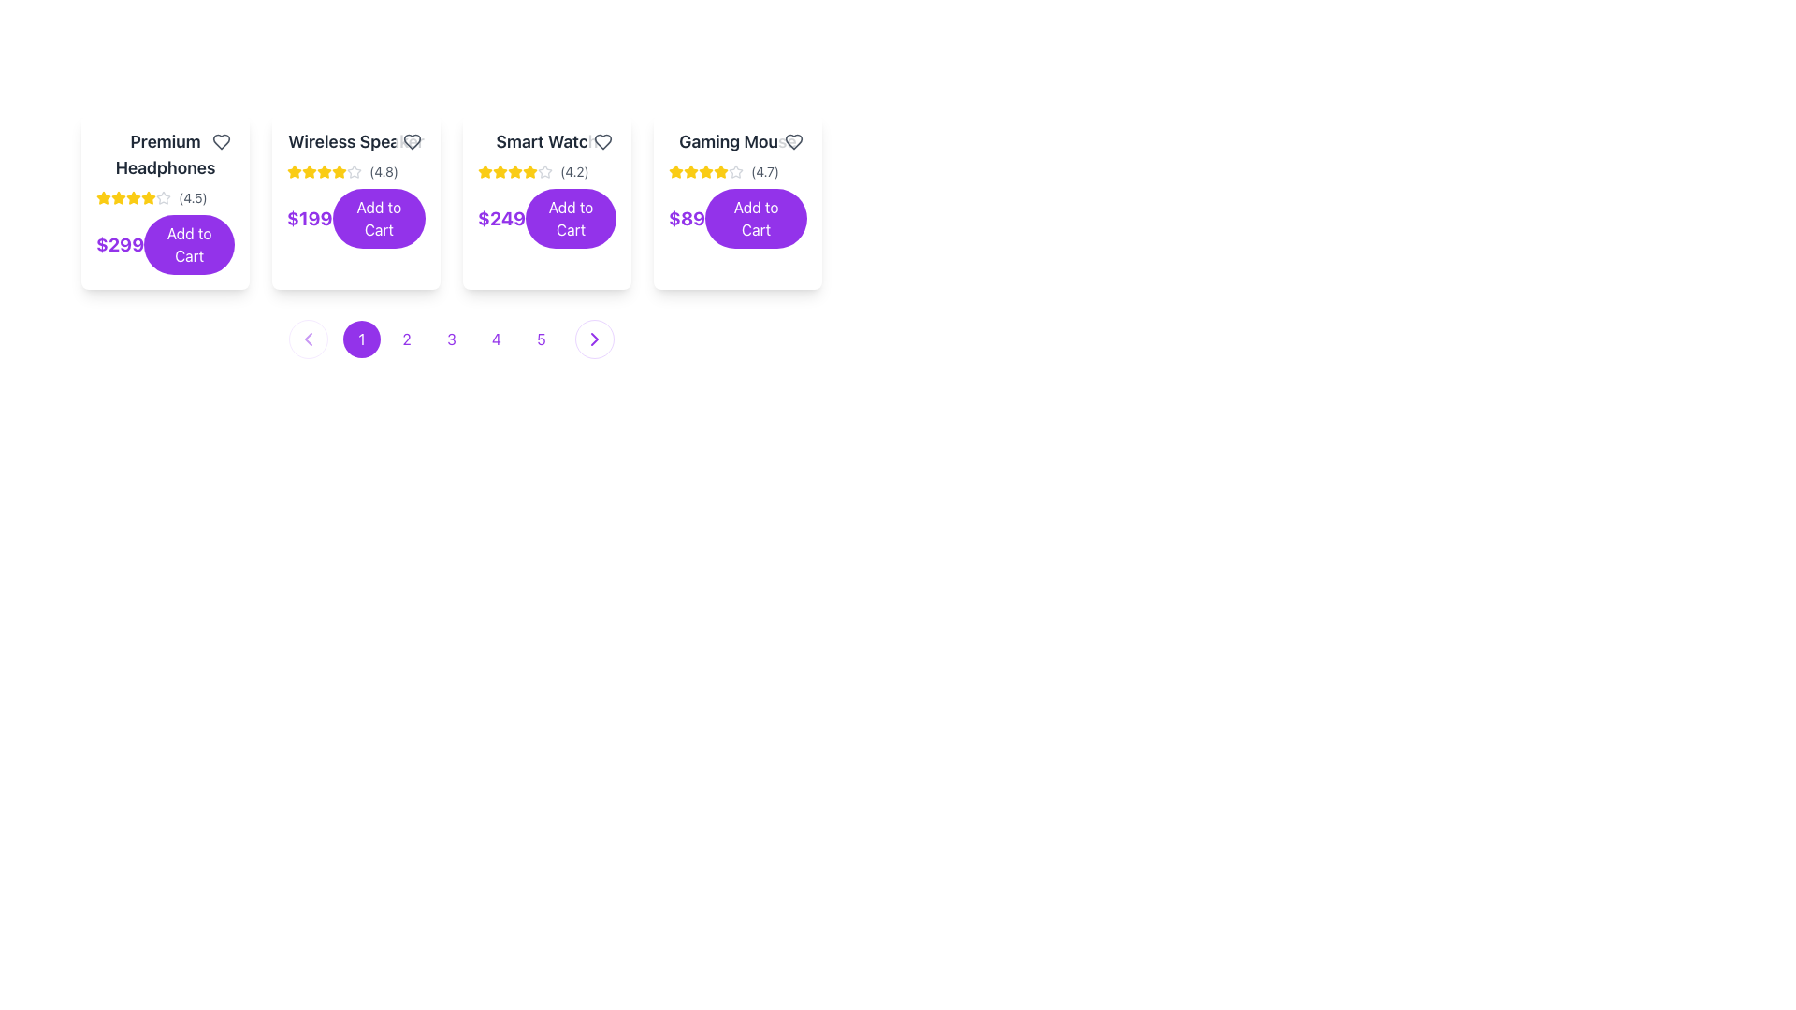  Describe the element at coordinates (704, 171) in the screenshot. I see `the third star icon for rating in the product card for 'Gaming Mouse' to possibly interact or display additional information` at that location.